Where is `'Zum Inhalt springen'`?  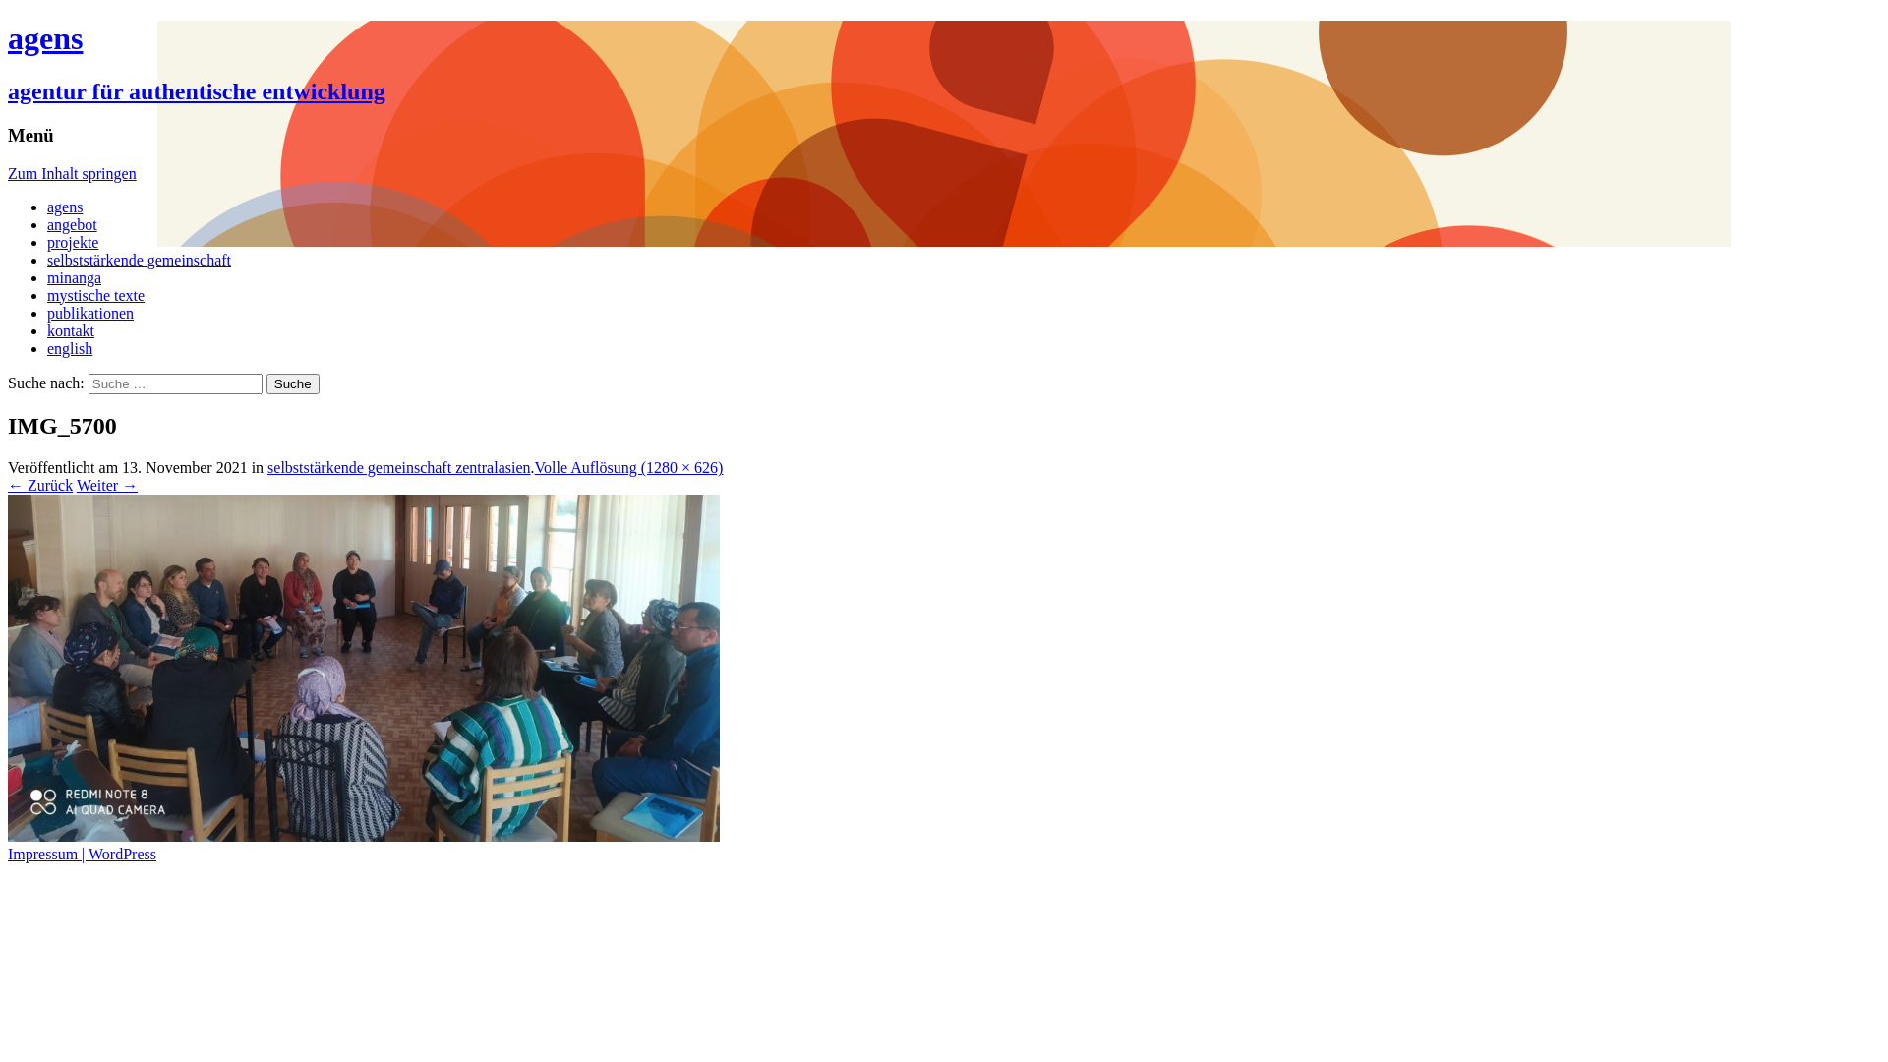
'Zum Inhalt springen' is located at coordinates (72, 172).